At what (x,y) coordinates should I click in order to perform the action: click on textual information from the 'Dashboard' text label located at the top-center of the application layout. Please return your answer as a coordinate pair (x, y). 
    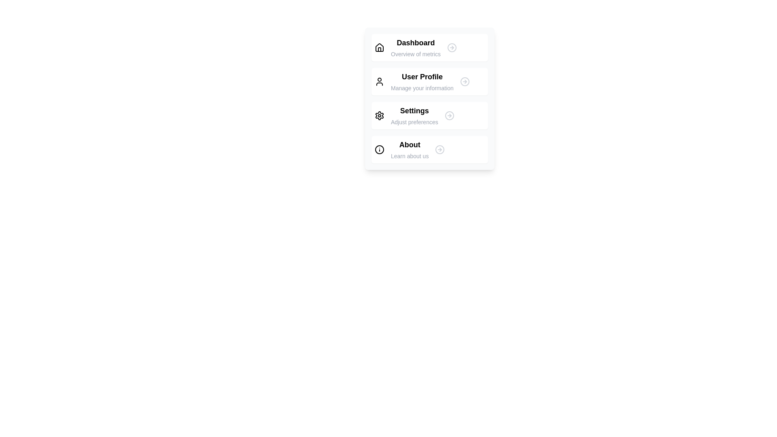
    Looking at the image, I should click on (416, 48).